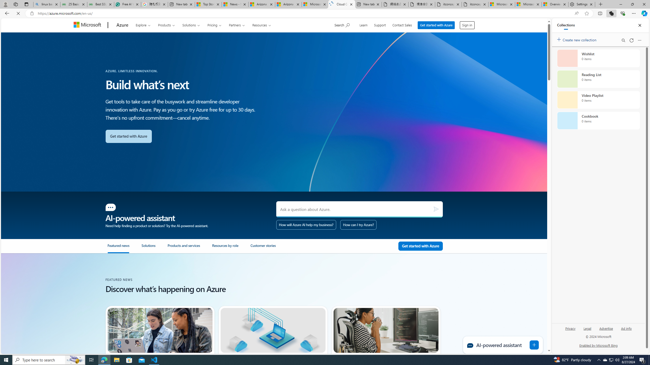 The width and height of the screenshot is (650, 365). I want to click on 'Submit', so click(436, 209).